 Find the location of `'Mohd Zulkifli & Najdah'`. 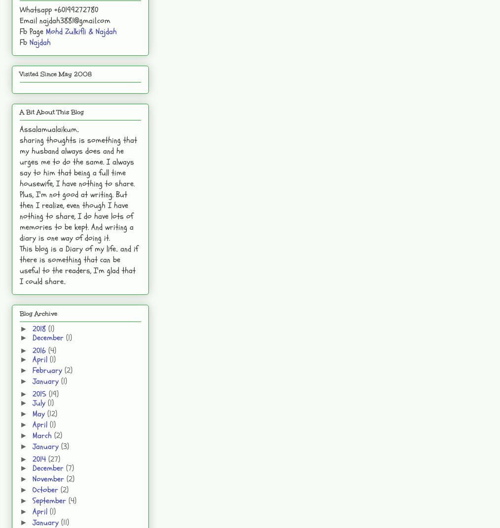

'Mohd Zulkifli & Najdah' is located at coordinates (81, 30).